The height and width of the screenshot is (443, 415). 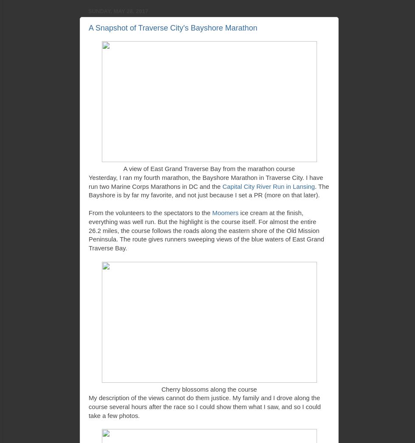 I want to click on 'My description of the views cannot do them justice. My family and I drove along the course several hours after the race so I could show them what I saw, and so I could take a few photos.', so click(x=204, y=406).